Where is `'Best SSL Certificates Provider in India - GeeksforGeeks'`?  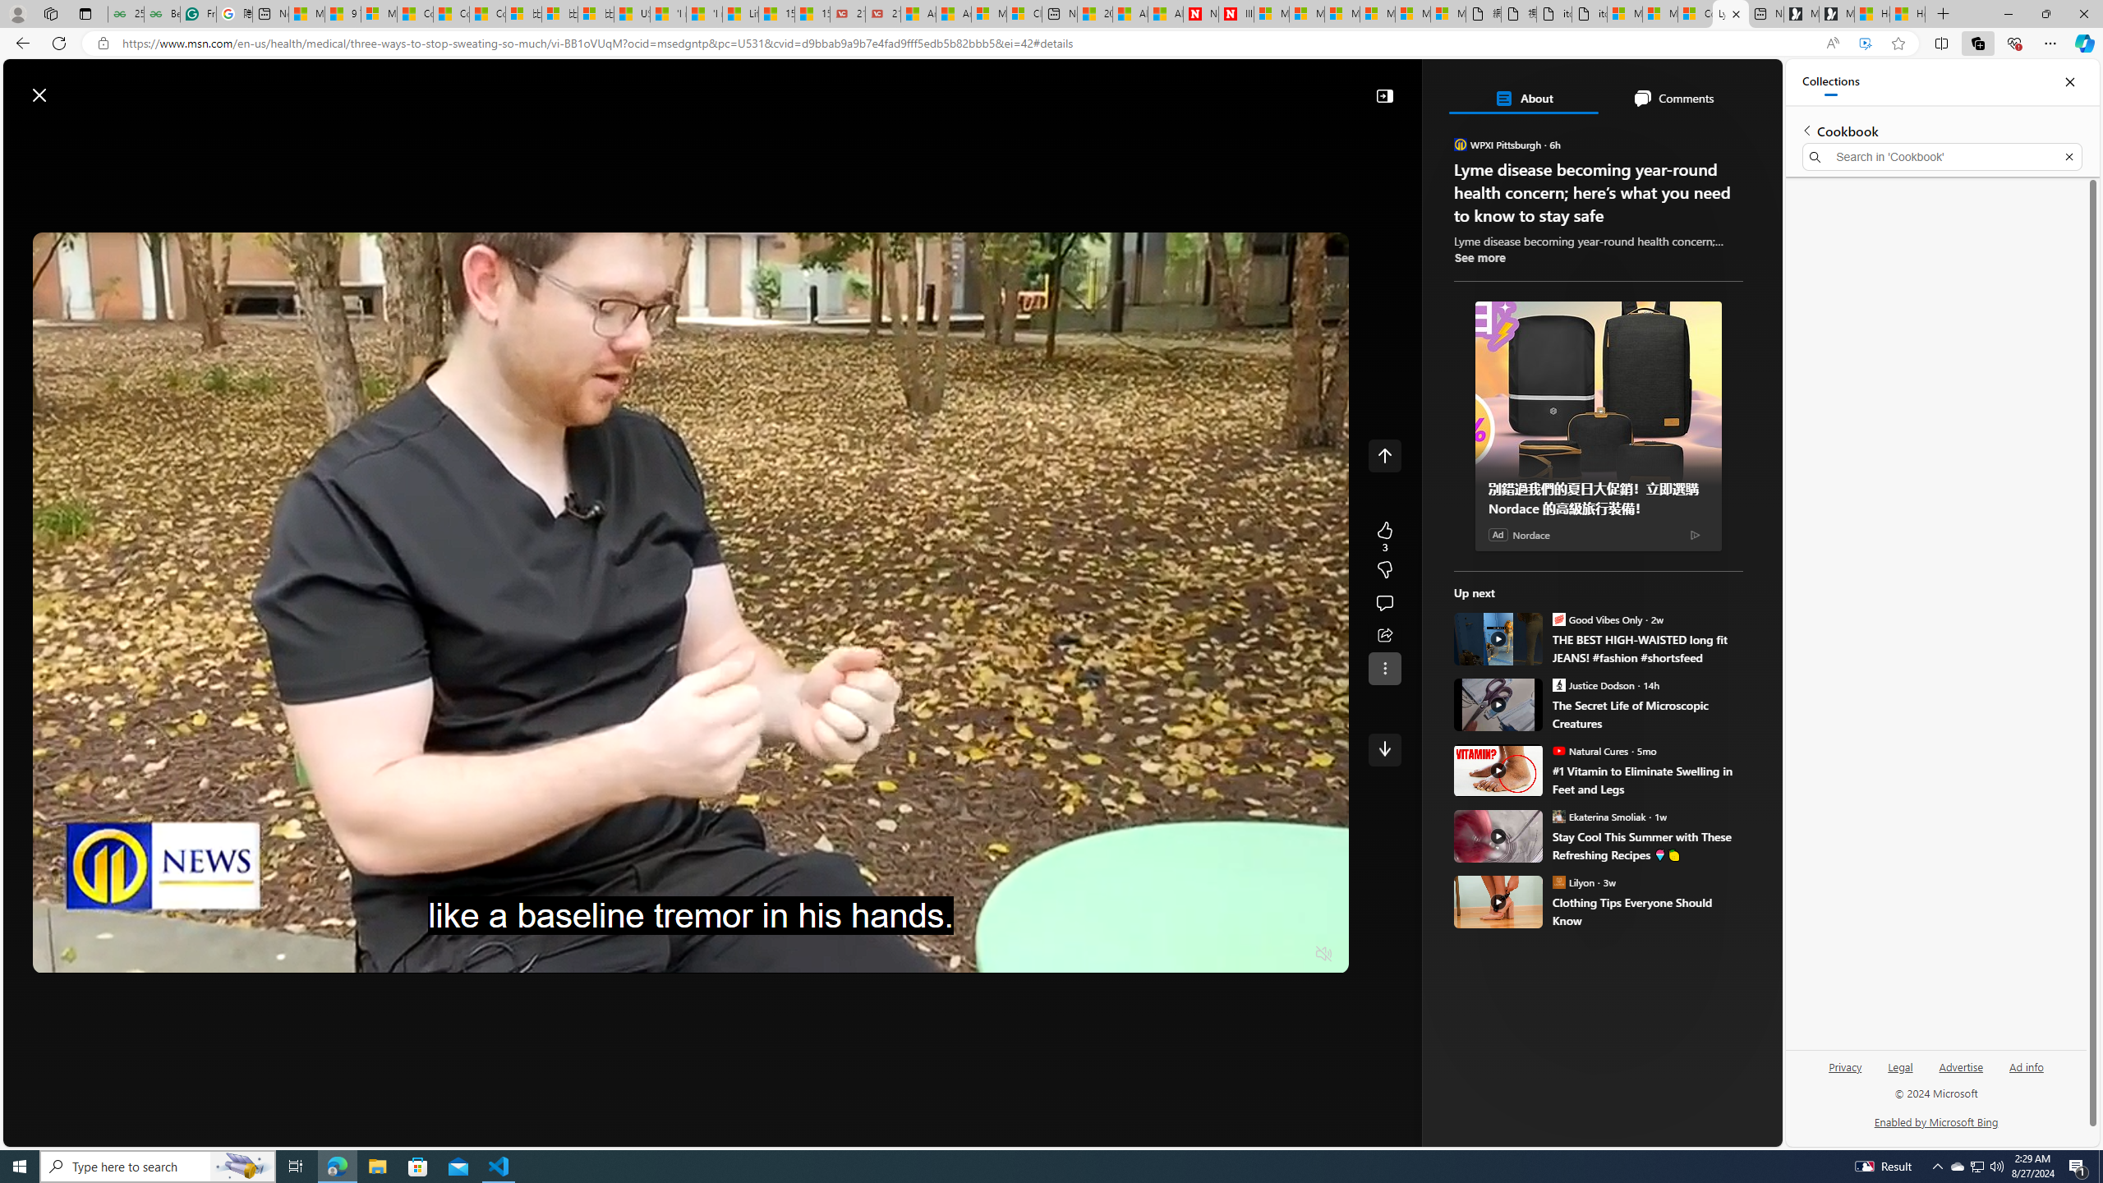 'Best SSL Certificates Provider in India - GeeksforGeeks' is located at coordinates (161, 13).